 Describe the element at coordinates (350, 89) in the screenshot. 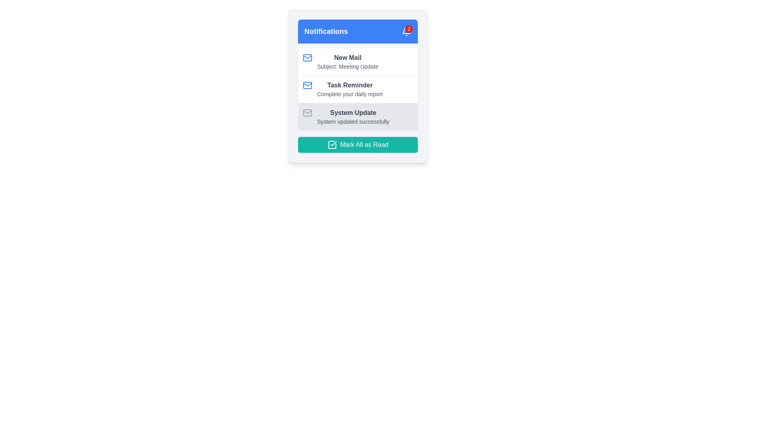

I see `the 'Task Reminder' notification item` at that location.